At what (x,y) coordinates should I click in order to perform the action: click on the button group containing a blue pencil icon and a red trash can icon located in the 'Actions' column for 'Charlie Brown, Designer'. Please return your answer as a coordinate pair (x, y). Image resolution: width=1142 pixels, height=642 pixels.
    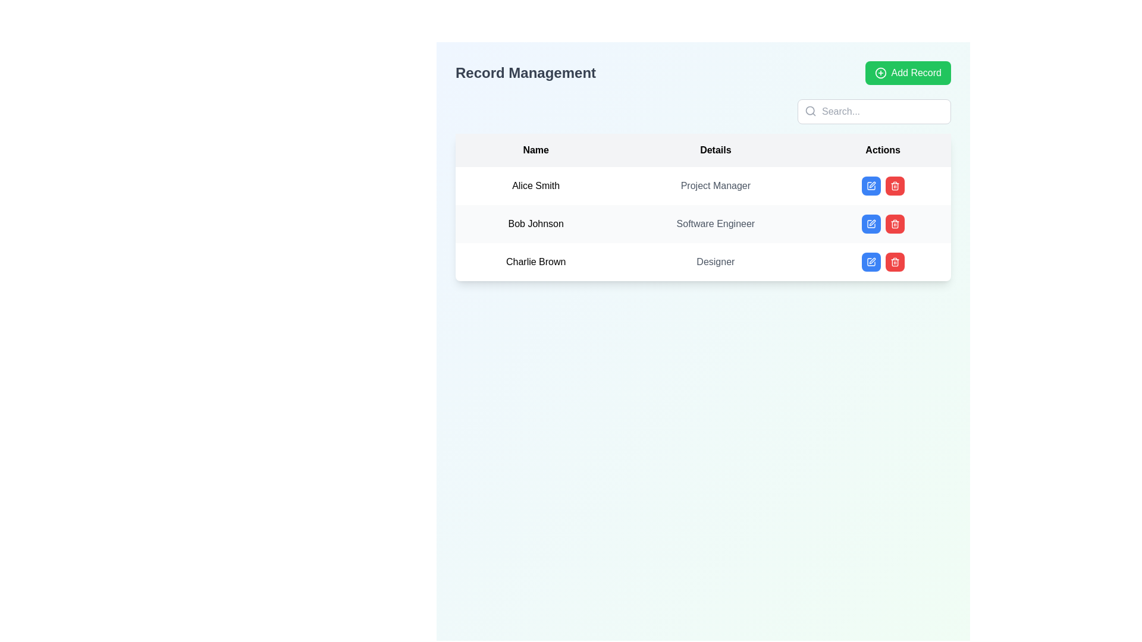
    Looking at the image, I should click on (883, 261).